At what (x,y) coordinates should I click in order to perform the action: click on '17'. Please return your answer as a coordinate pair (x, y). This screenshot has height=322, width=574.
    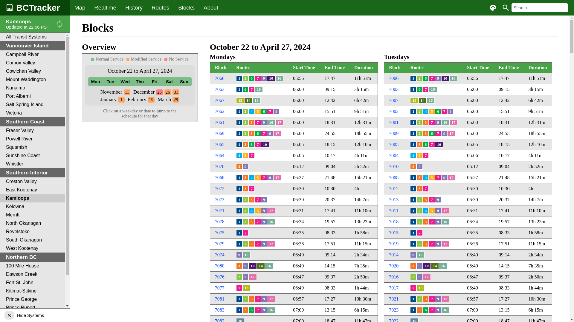
    Looking at the image, I should click on (271, 244).